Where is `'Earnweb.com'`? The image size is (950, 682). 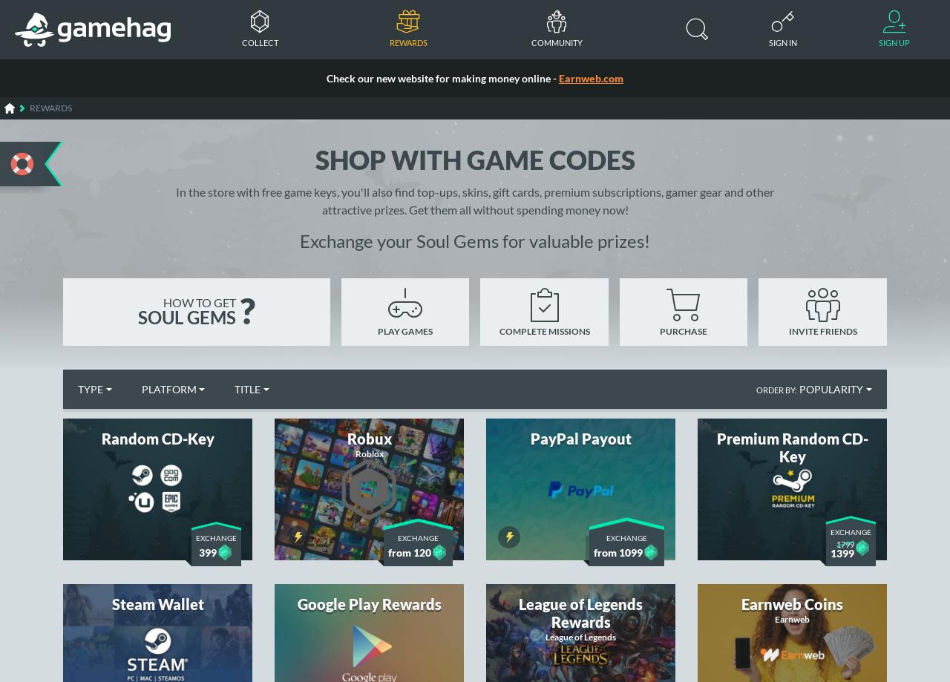 'Earnweb.com' is located at coordinates (590, 77).